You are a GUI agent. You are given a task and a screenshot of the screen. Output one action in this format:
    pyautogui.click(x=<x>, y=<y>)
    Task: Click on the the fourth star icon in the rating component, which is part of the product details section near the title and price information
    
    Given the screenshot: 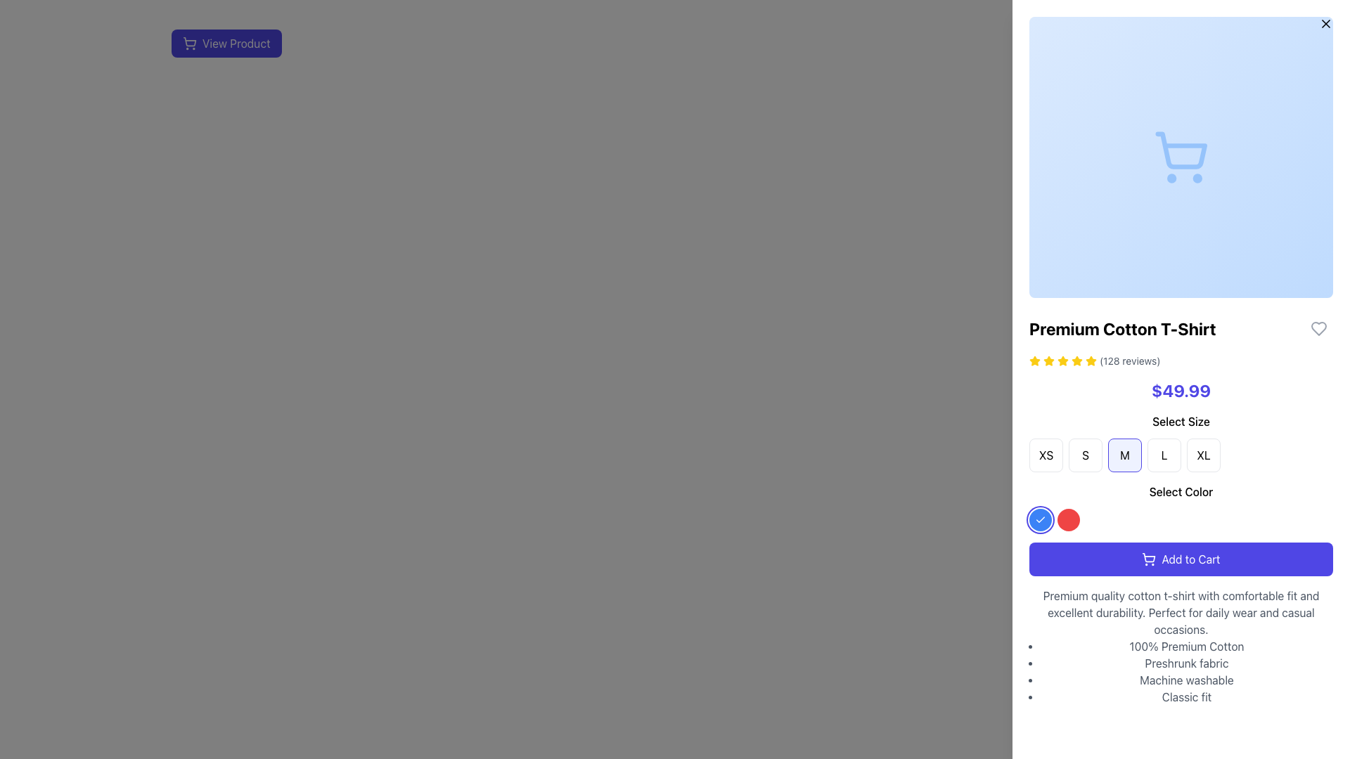 What is the action you would take?
    pyautogui.click(x=1076, y=360)
    